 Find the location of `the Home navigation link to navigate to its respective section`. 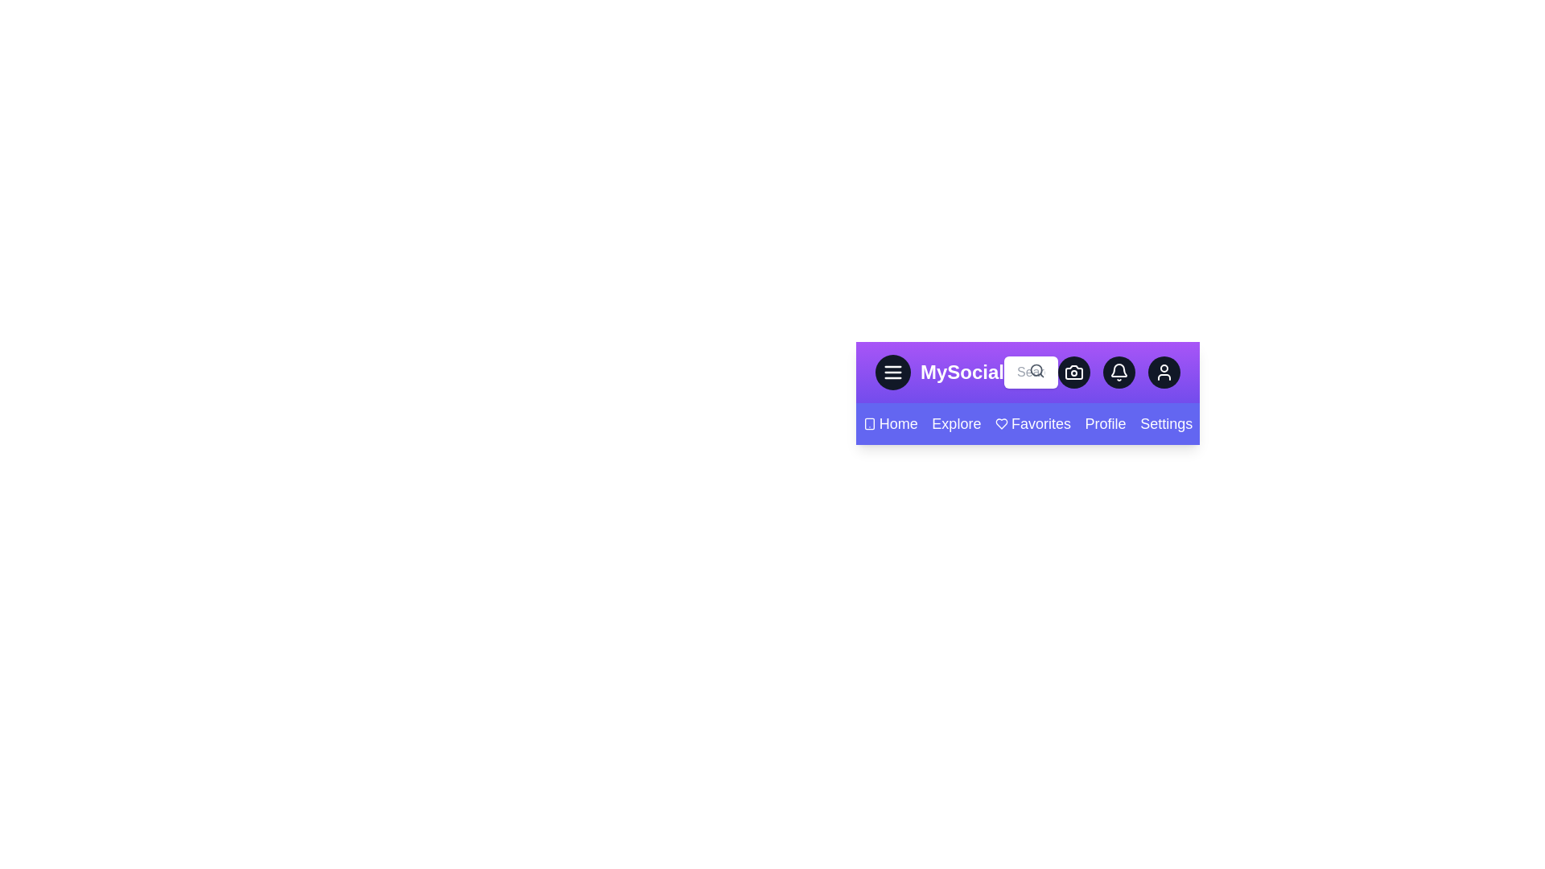

the Home navigation link to navigate to its respective section is located at coordinates (889, 423).